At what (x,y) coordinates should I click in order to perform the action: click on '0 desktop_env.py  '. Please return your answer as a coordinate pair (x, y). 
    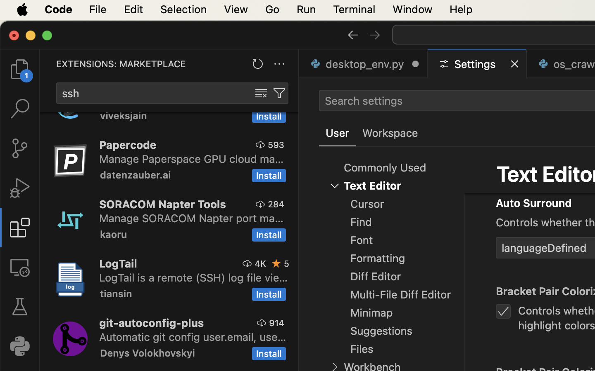
    Looking at the image, I should click on (363, 63).